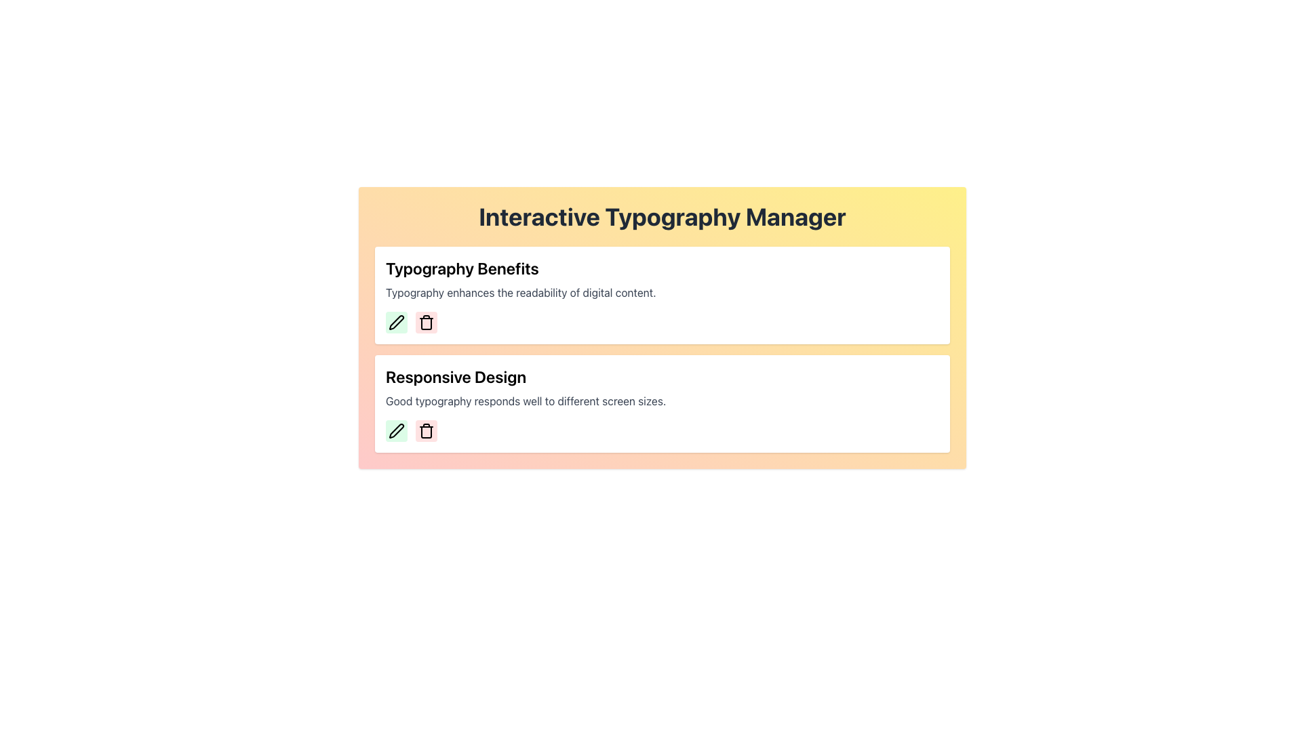 Image resolution: width=1302 pixels, height=732 pixels. What do you see at coordinates (396, 322) in the screenshot?
I see `the pen icon button with a light green background located in the second section of the 'Responsive Design' list to initiate an edit action` at bounding box center [396, 322].